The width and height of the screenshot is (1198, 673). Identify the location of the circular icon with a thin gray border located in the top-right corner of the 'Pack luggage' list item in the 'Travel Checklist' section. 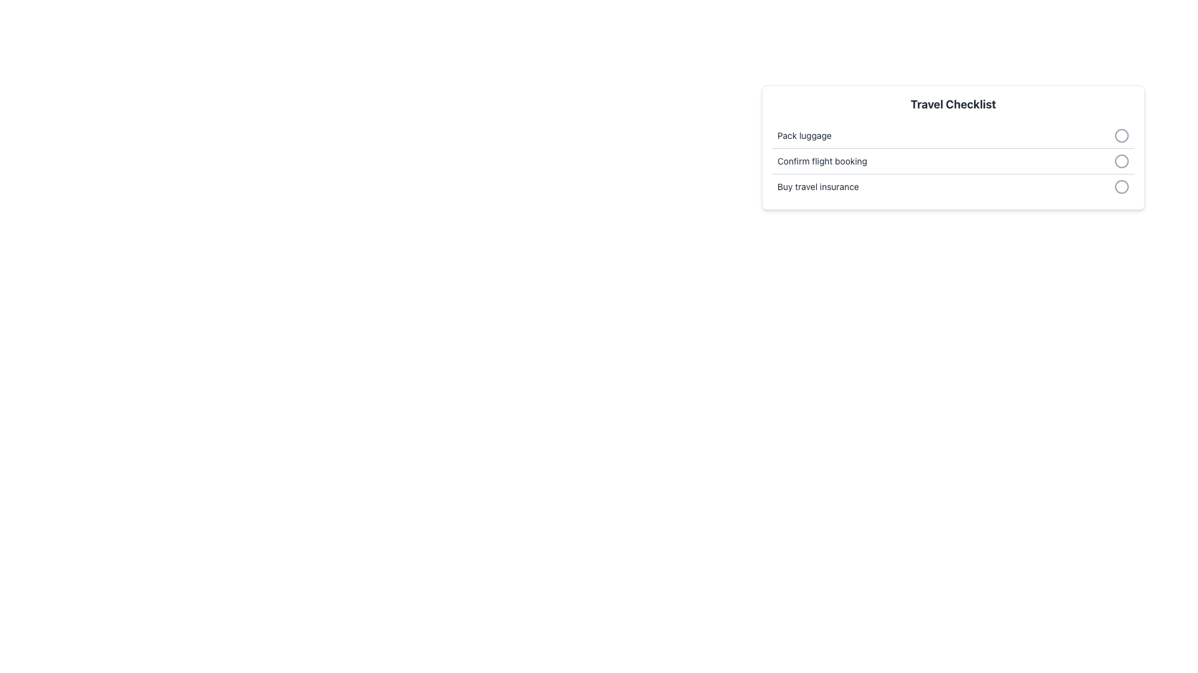
(1122, 136).